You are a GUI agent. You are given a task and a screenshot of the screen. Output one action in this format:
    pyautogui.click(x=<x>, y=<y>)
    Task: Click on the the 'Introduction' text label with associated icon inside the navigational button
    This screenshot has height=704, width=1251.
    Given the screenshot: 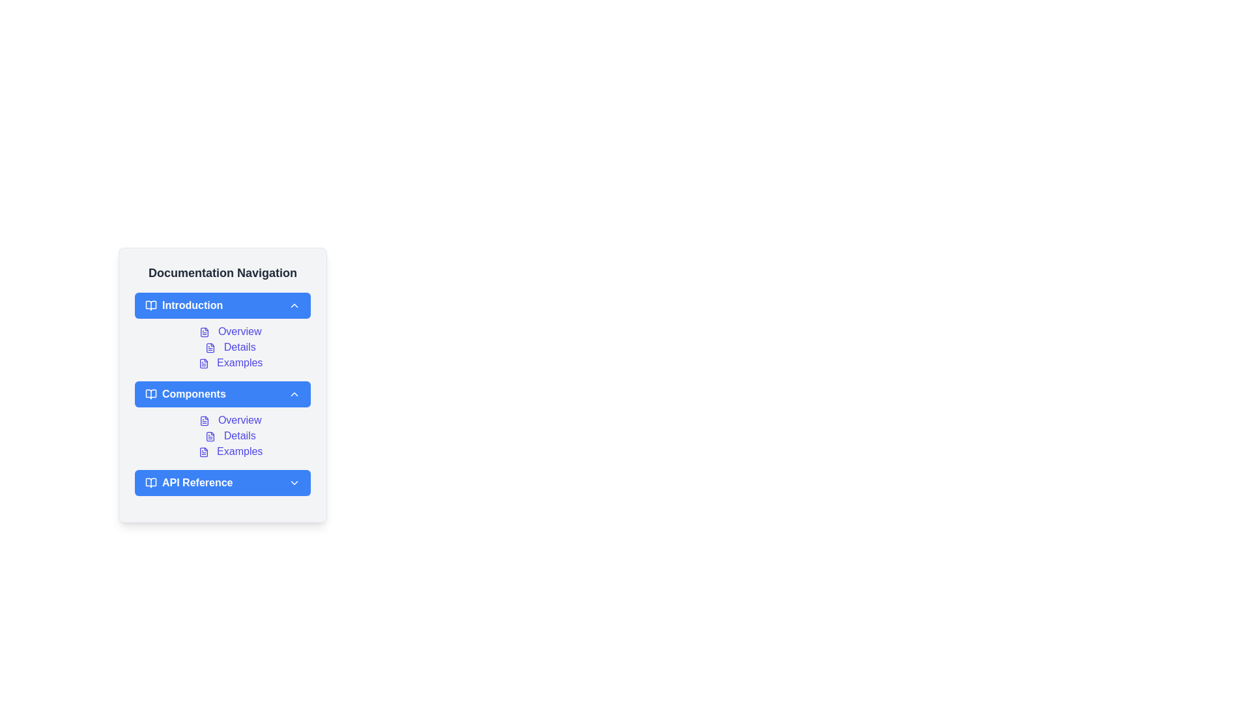 What is the action you would take?
    pyautogui.click(x=183, y=306)
    